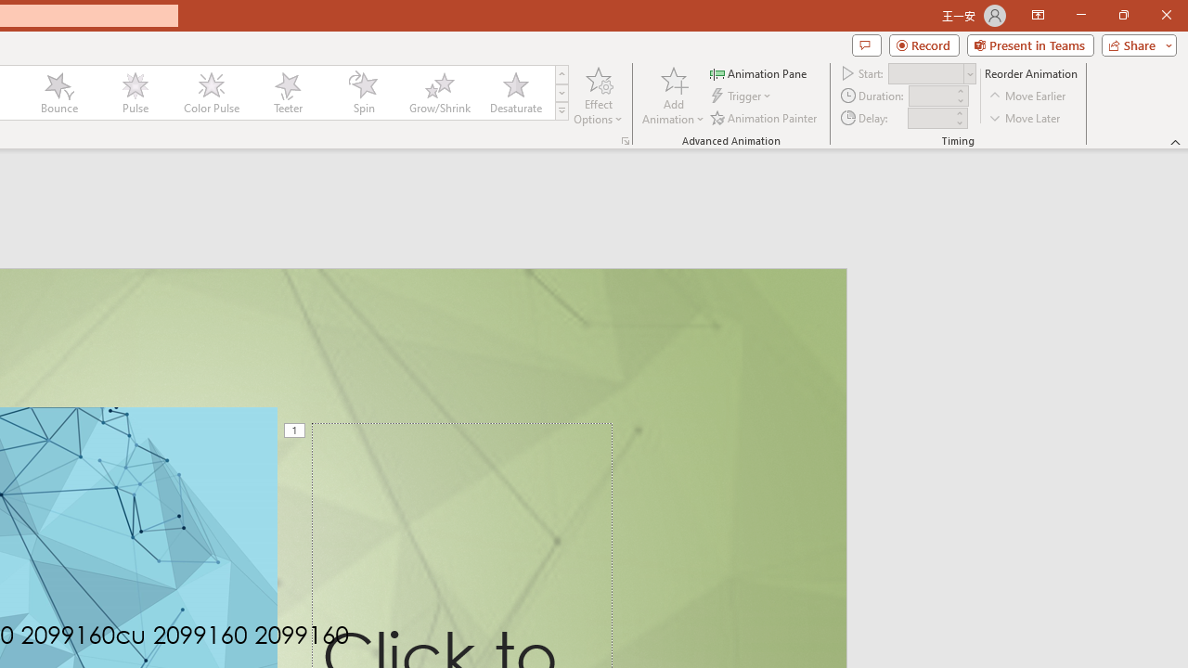  What do you see at coordinates (599, 96) in the screenshot?
I see `'Effect Options'` at bounding box center [599, 96].